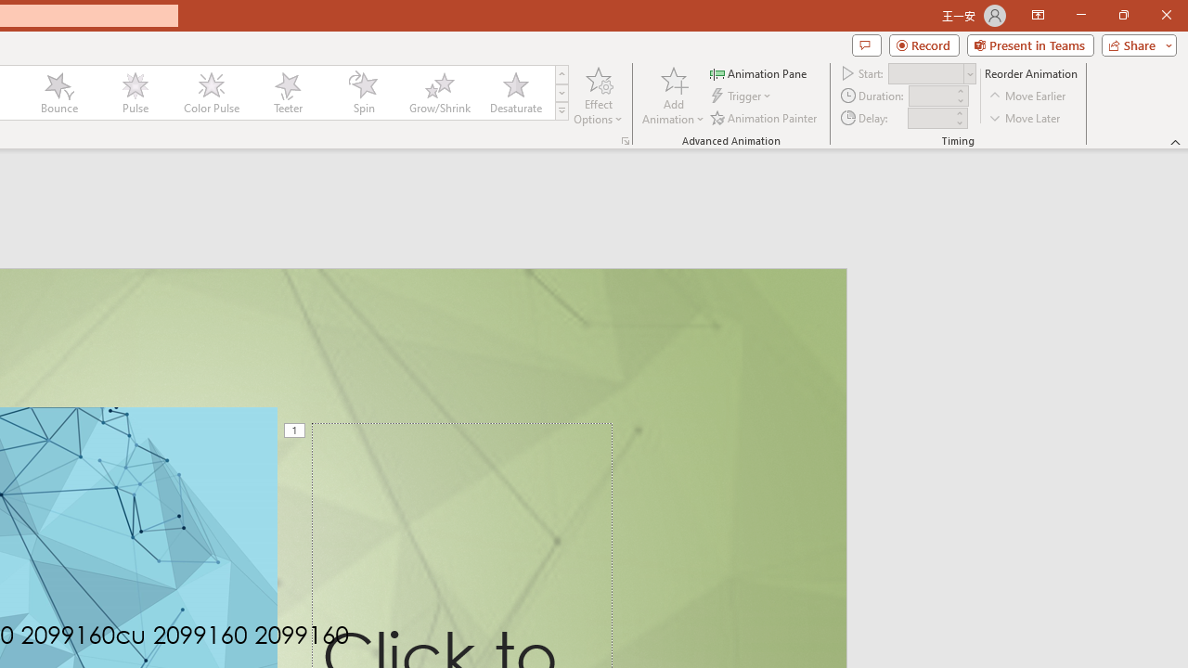  What do you see at coordinates (599, 96) in the screenshot?
I see `'Effect Options'` at bounding box center [599, 96].